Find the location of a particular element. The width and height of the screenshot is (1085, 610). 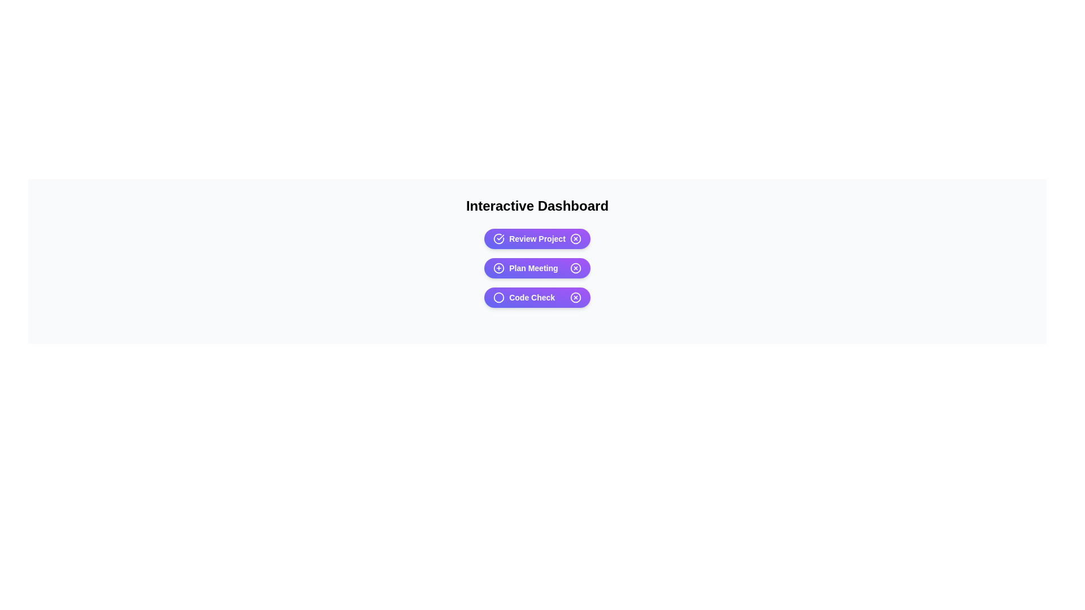

the close button of the chip labeled Code Check to remove it is located at coordinates (575, 297).